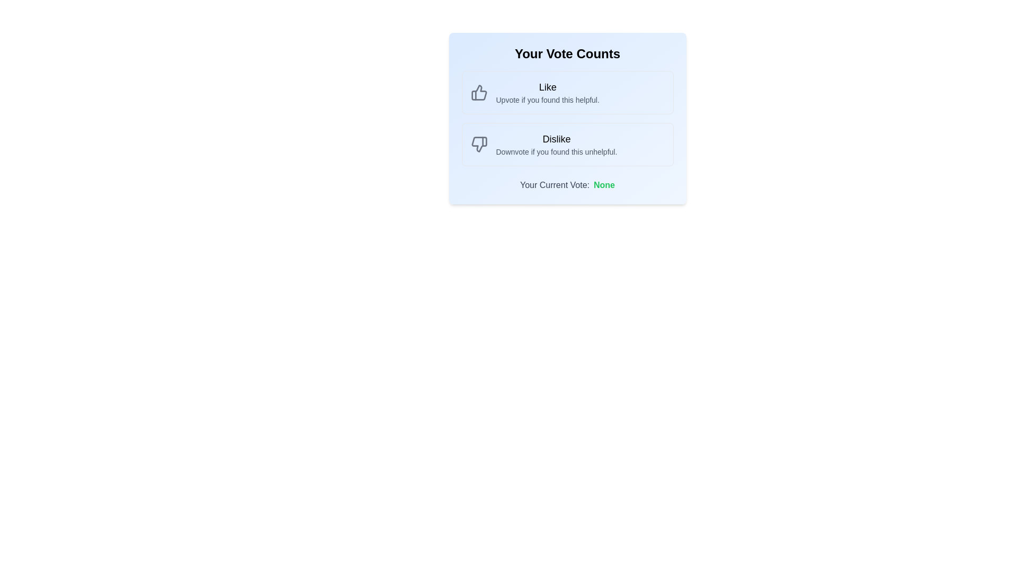 This screenshot has width=1017, height=572. I want to click on the text label that states 'Your Current Vote:' styled in gray font, located near the bottom of the voting card interface to the left of the bold green text displaying the user's current vote status, so click(554, 184).